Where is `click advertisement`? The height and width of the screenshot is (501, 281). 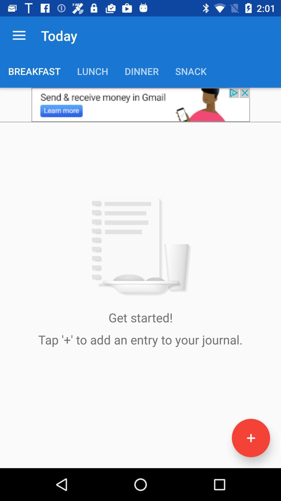 click advertisement is located at coordinates (140, 104).